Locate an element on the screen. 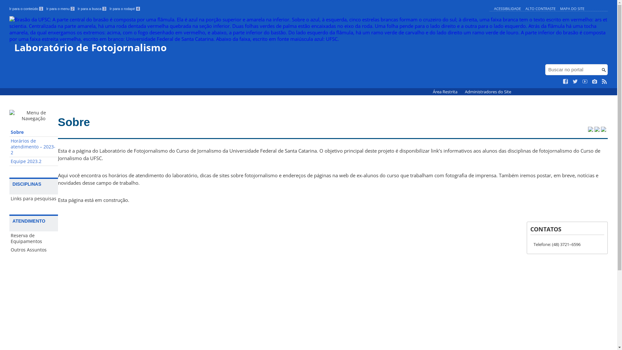  'Ir para a busca 3' is located at coordinates (92, 9).